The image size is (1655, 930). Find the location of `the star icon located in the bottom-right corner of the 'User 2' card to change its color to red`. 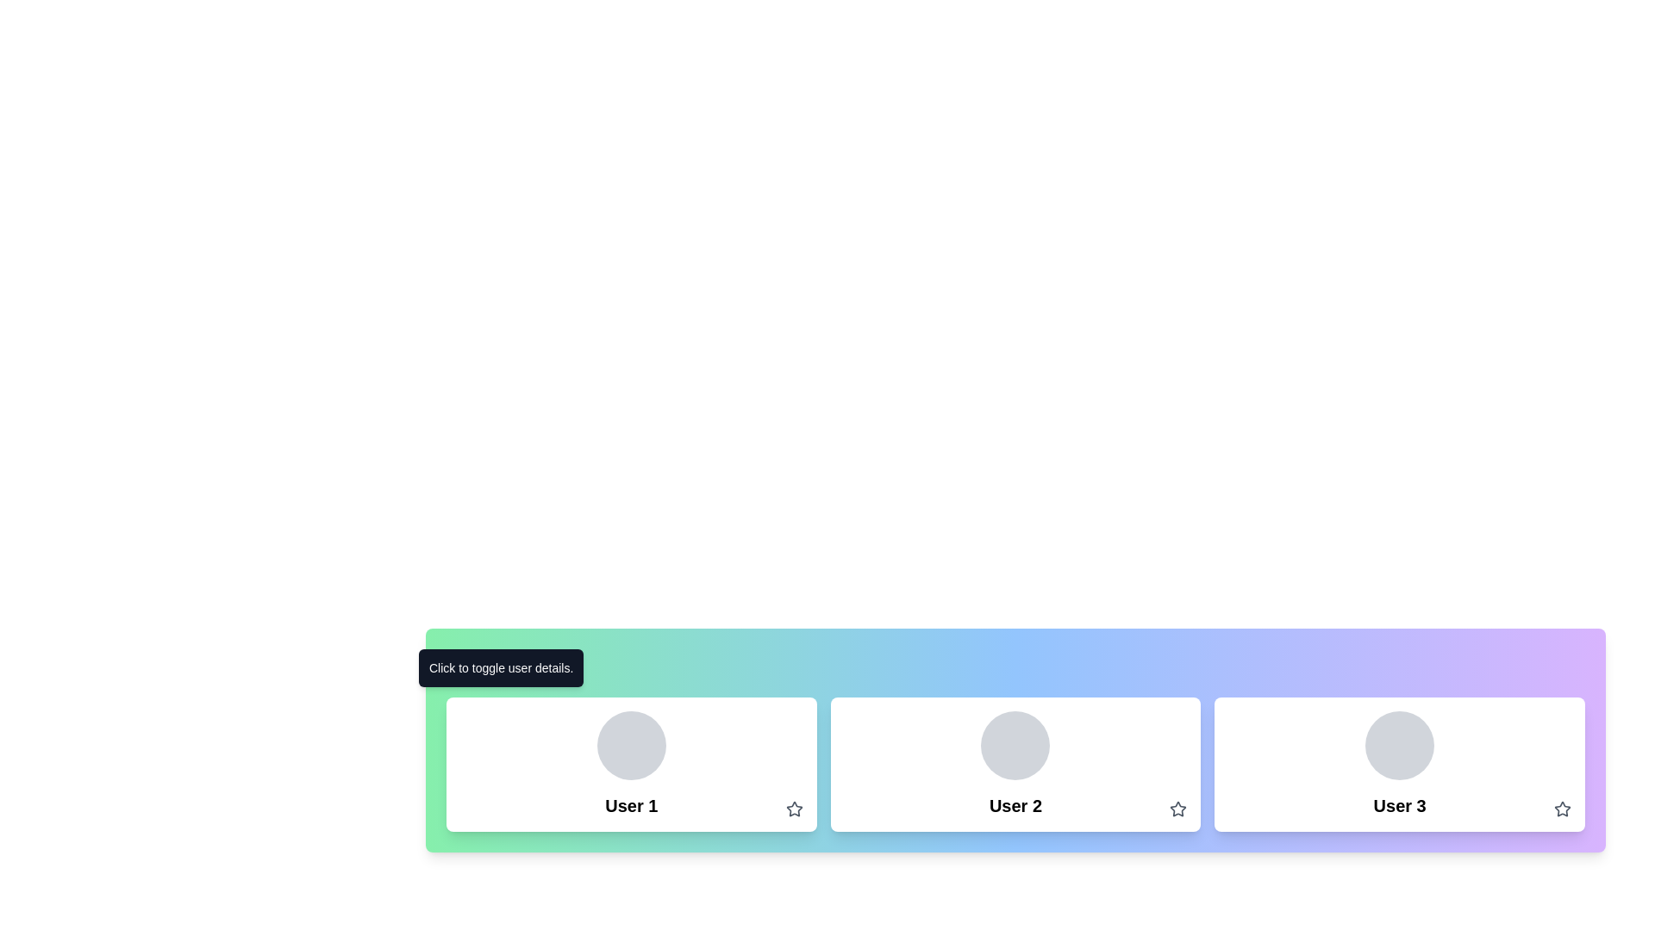

the star icon located in the bottom-right corner of the 'User 2' card to change its color to red is located at coordinates (1177, 809).